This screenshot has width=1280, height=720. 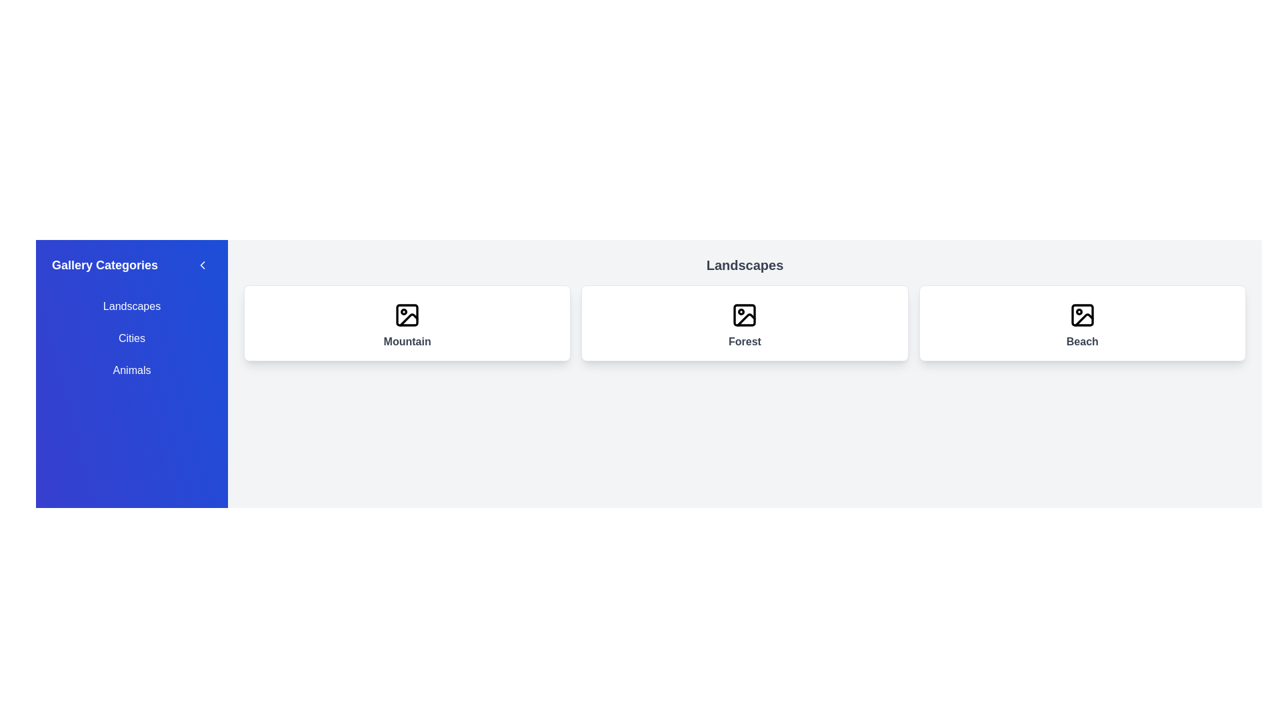 What do you see at coordinates (131, 338) in the screenshot?
I see `the 'Cities' category button located in the sidebar titled 'Gallery Categories'` at bounding box center [131, 338].